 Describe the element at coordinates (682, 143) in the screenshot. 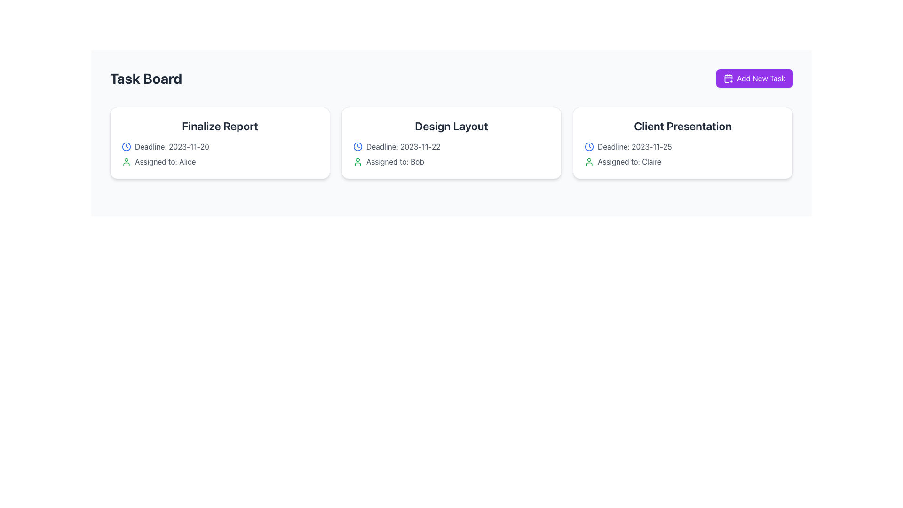

I see `information displayed on the card titled 'Client Presentation', which is located in the rightmost column of the task board layout` at that location.